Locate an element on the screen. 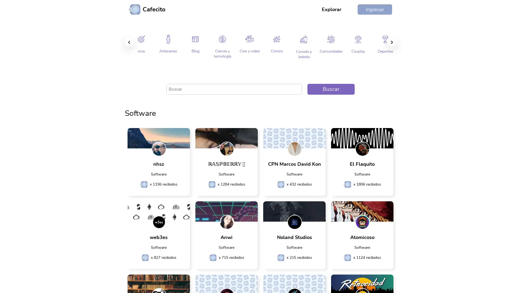 The width and height of the screenshot is (521, 293). Buscar is located at coordinates (331, 88).